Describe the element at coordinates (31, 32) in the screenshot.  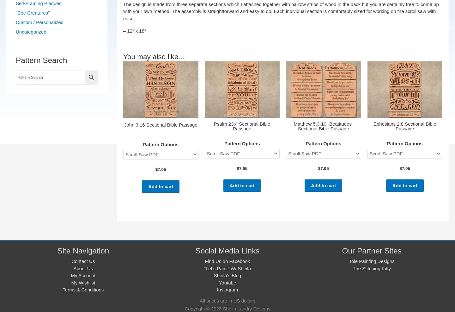
I see `'Uncategorized'` at that location.